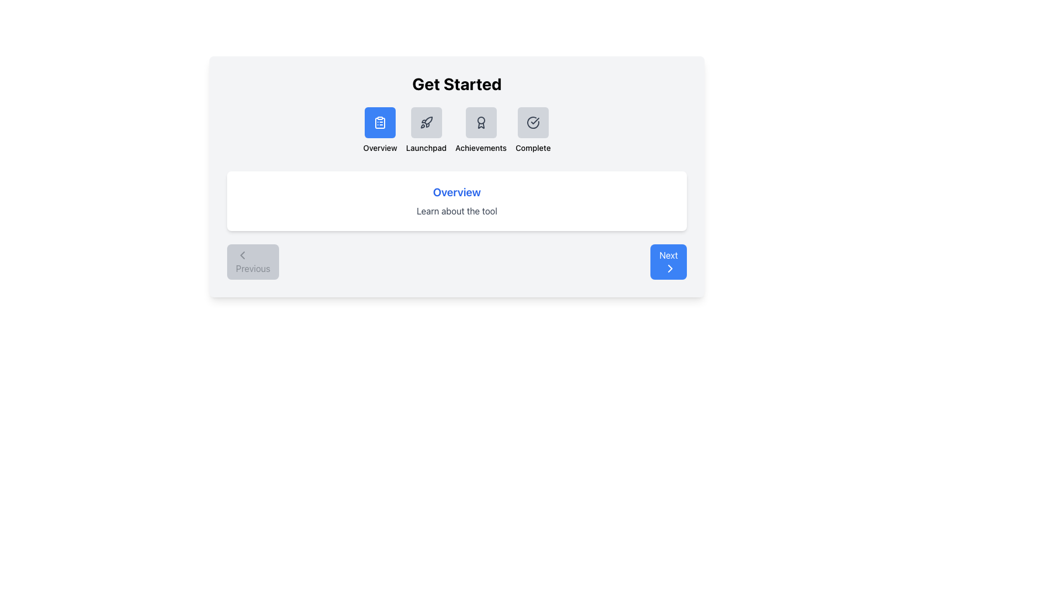 Image resolution: width=1061 pixels, height=597 pixels. Describe the element at coordinates (426, 147) in the screenshot. I see `the text label that identifies the 'Launchpad' section, located below the rocket icon in the second group of the 'Get Started' interface` at that location.